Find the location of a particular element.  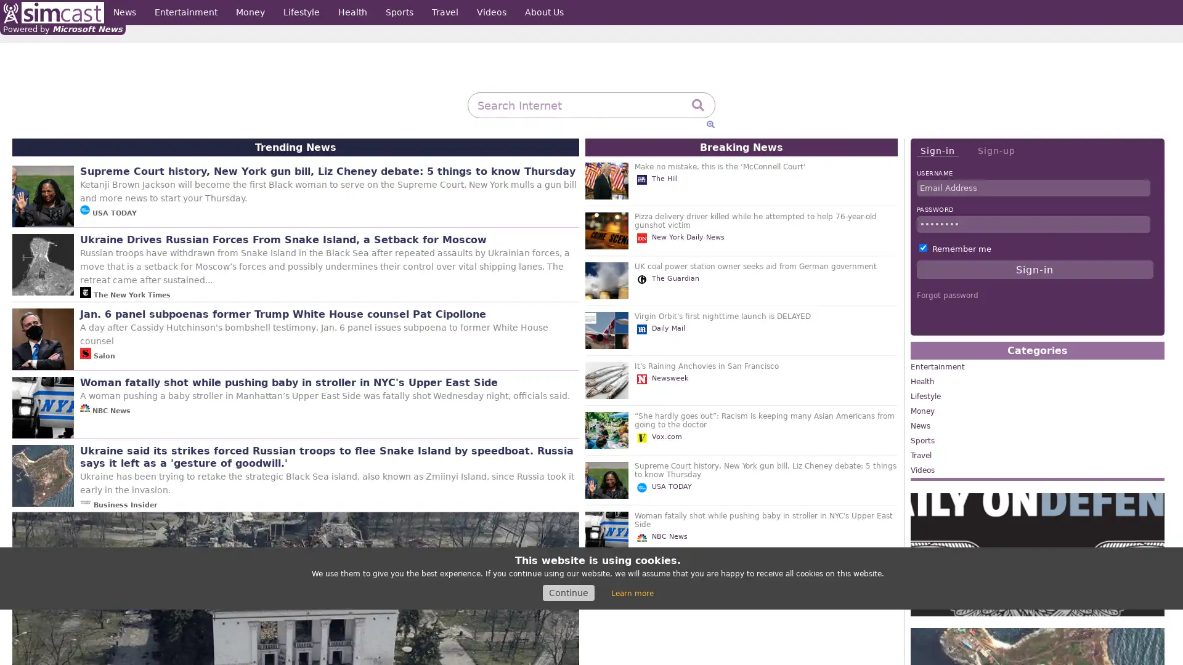

Sign-in is located at coordinates (1035, 269).